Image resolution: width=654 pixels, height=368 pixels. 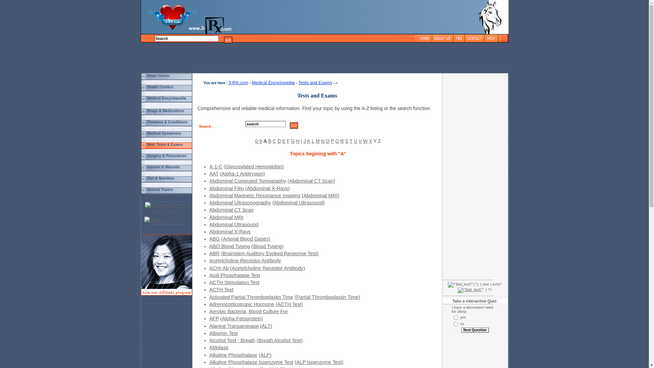 I want to click on '(ALP)', so click(x=265, y=354).